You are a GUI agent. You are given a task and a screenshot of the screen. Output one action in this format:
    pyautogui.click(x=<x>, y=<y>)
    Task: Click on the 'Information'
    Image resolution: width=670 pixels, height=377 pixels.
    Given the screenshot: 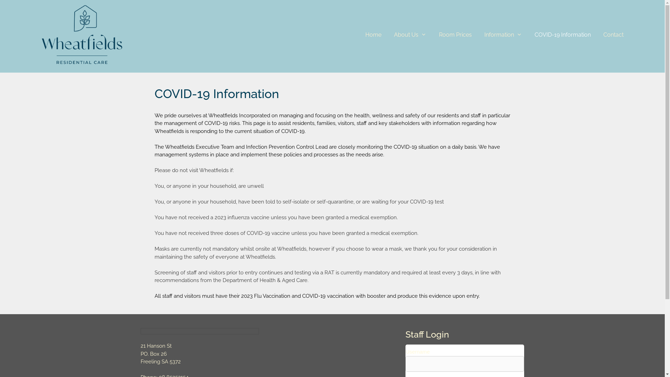 What is the action you would take?
    pyautogui.click(x=503, y=35)
    